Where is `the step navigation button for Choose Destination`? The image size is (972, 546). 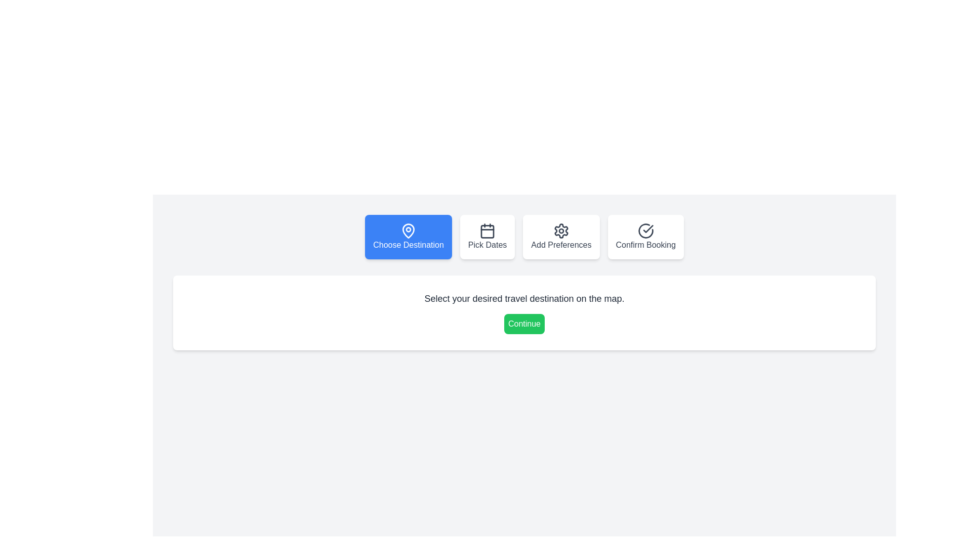
the step navigation button for Choose Destination is located at coordinates (408, 237).